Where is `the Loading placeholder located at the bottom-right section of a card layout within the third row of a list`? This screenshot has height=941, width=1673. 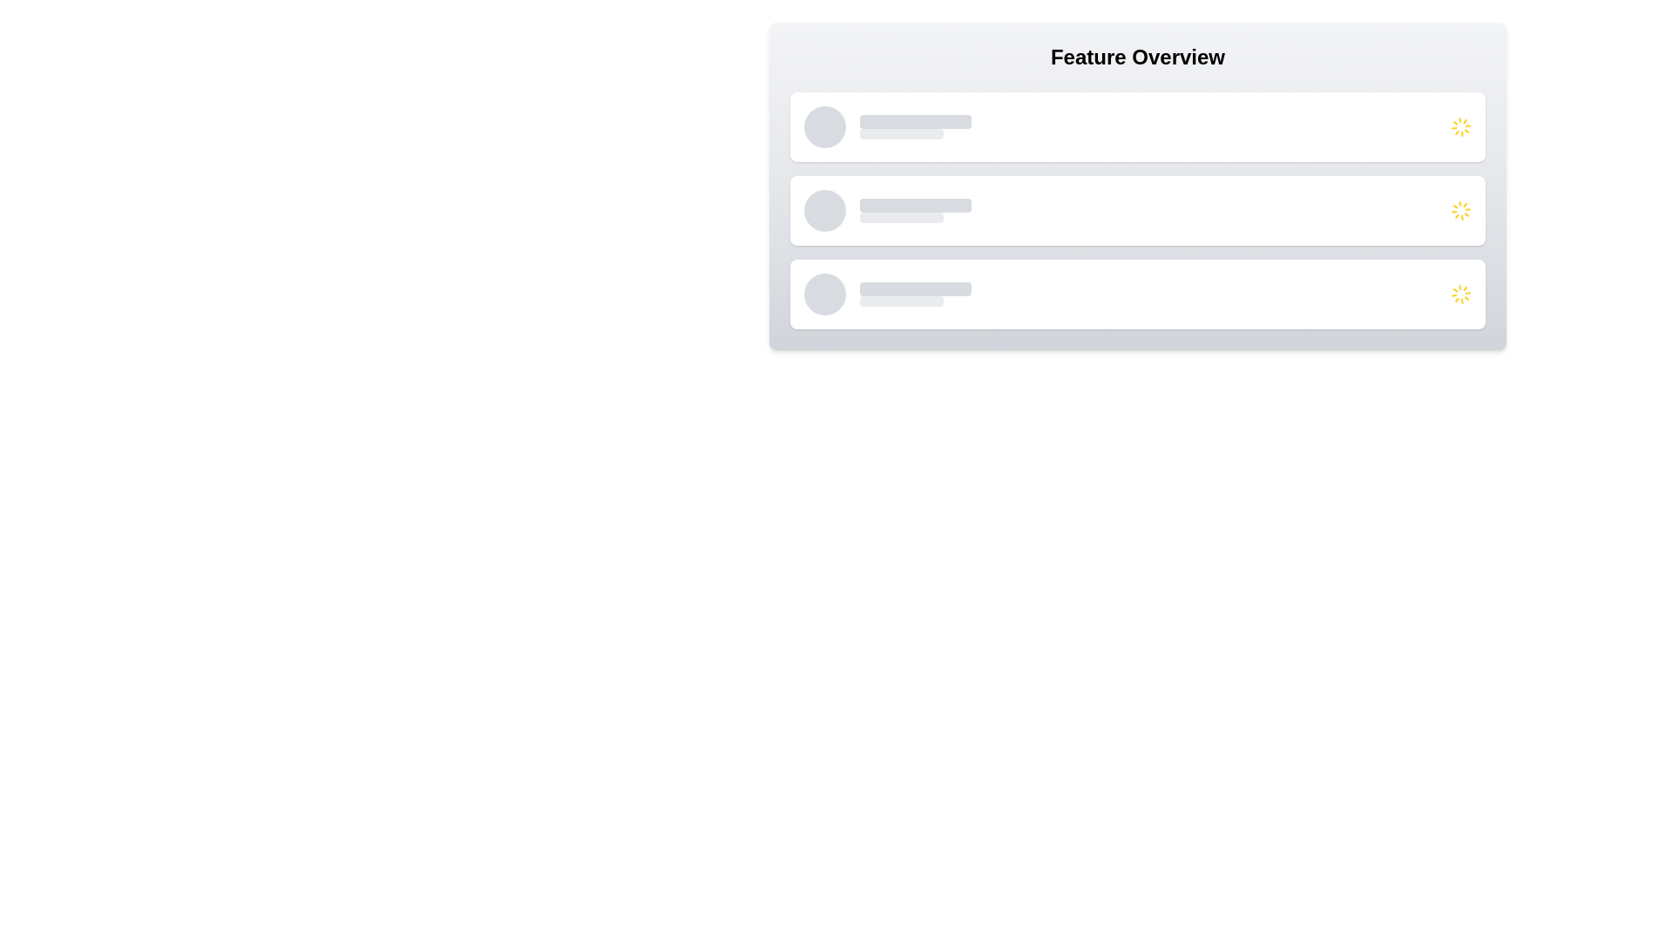 the Loading placeholder located at the bottom-right section of a card layout within the third row of a list is located at coordinates (902, 301).